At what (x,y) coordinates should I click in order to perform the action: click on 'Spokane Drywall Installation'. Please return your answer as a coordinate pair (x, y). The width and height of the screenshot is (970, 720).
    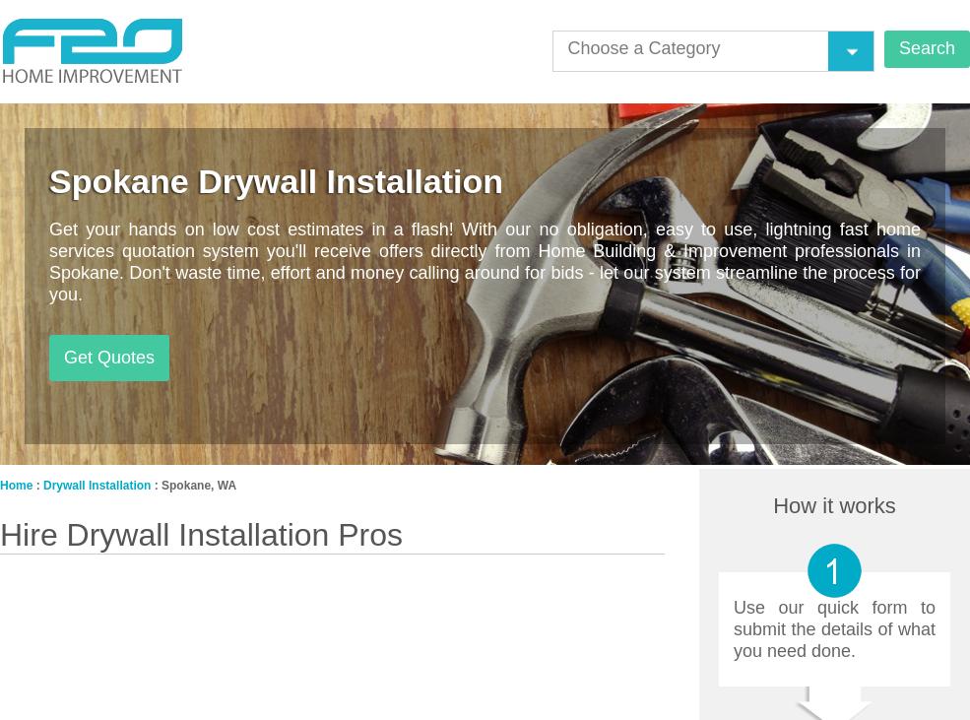
    Looking at the image, I should click on (275, 180).